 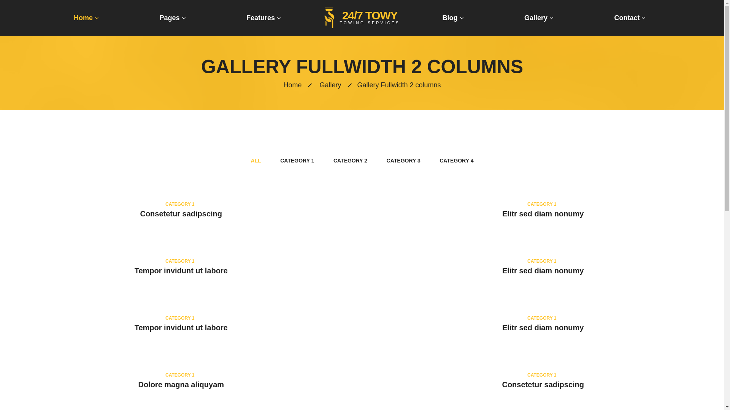 What do you see at coordinates (180, 385) in the screenshot?
I see `'Dolore magna aliquyam'` at bounding box center [180, 385].